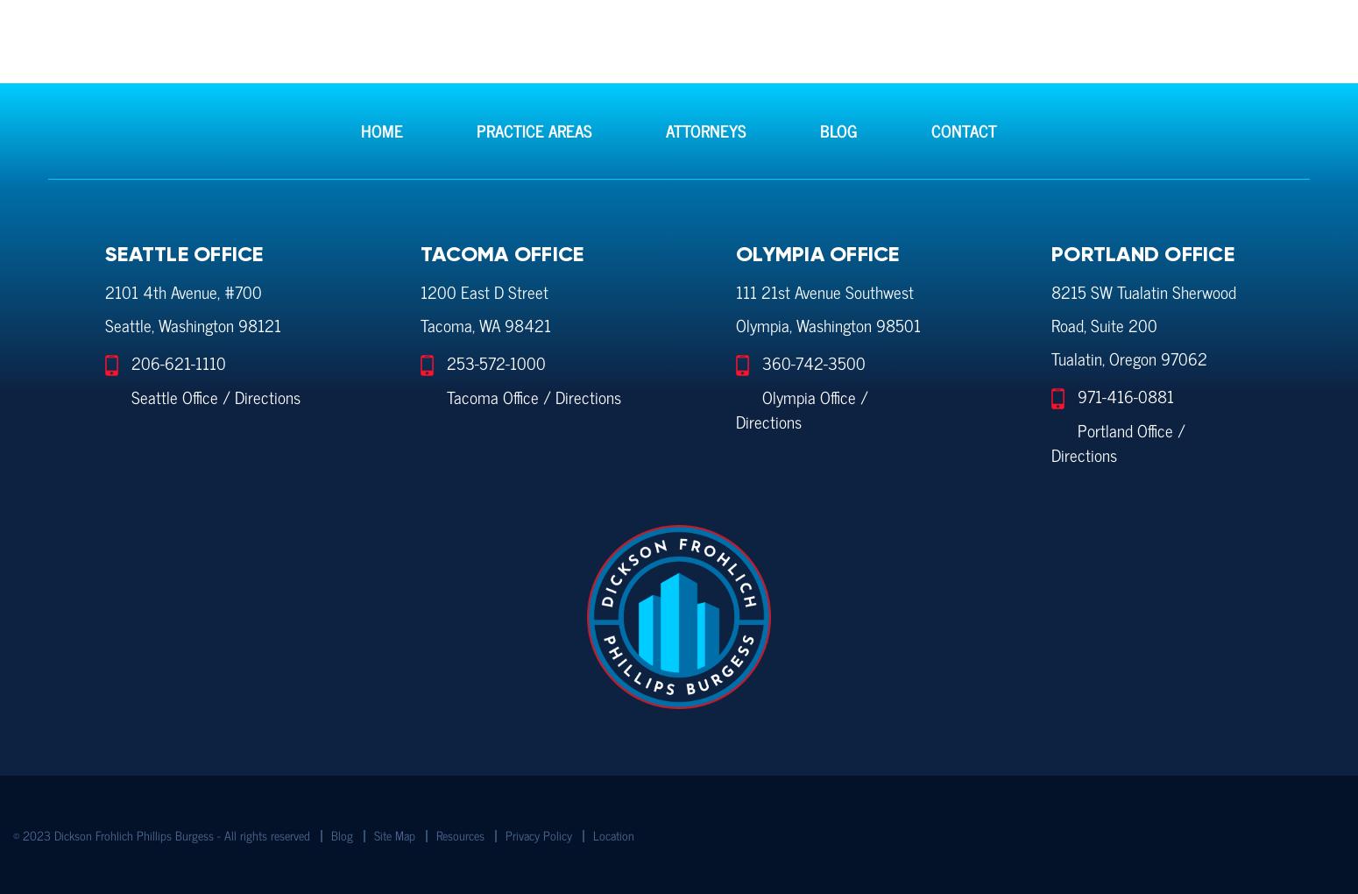 The image size is (1358, 894). I want to click on '360-', so click(778, 361).